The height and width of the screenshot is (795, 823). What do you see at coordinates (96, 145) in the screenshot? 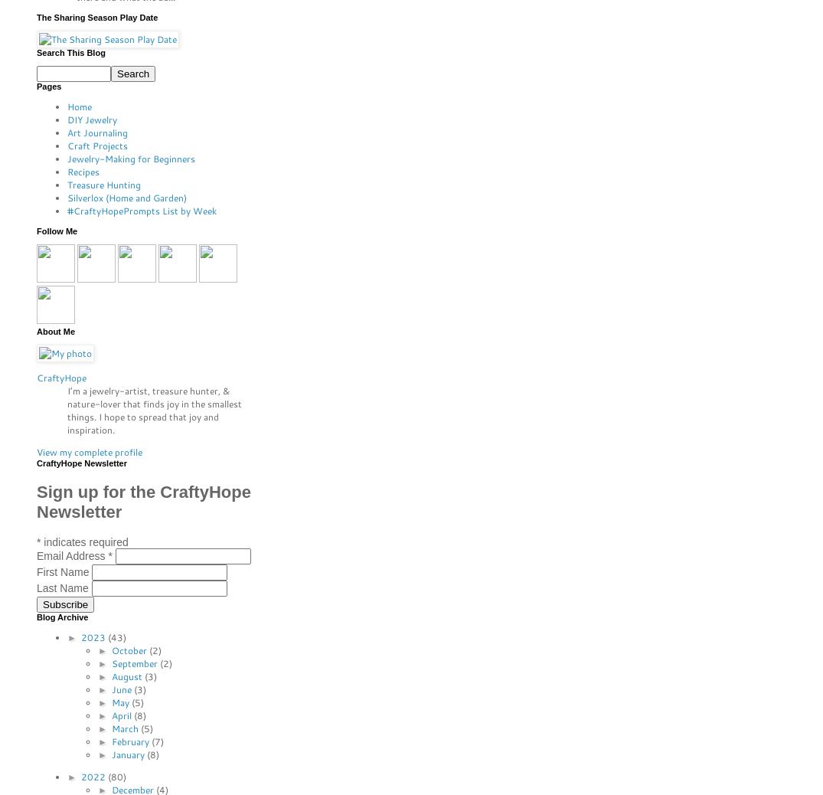
I see `'Craft Projects'` at bounding box center [96, 145].